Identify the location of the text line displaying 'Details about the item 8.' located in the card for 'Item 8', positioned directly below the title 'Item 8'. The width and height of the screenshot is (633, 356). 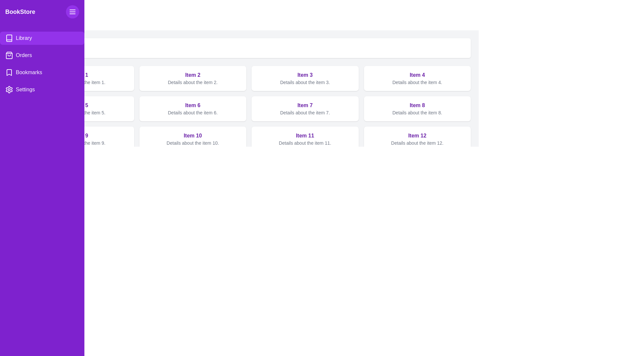
(417, 112).